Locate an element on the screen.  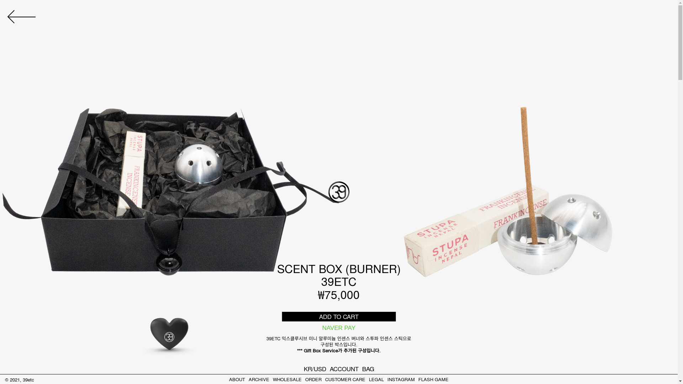
'INSTAGRAM' is located at coordinates (401, 379).